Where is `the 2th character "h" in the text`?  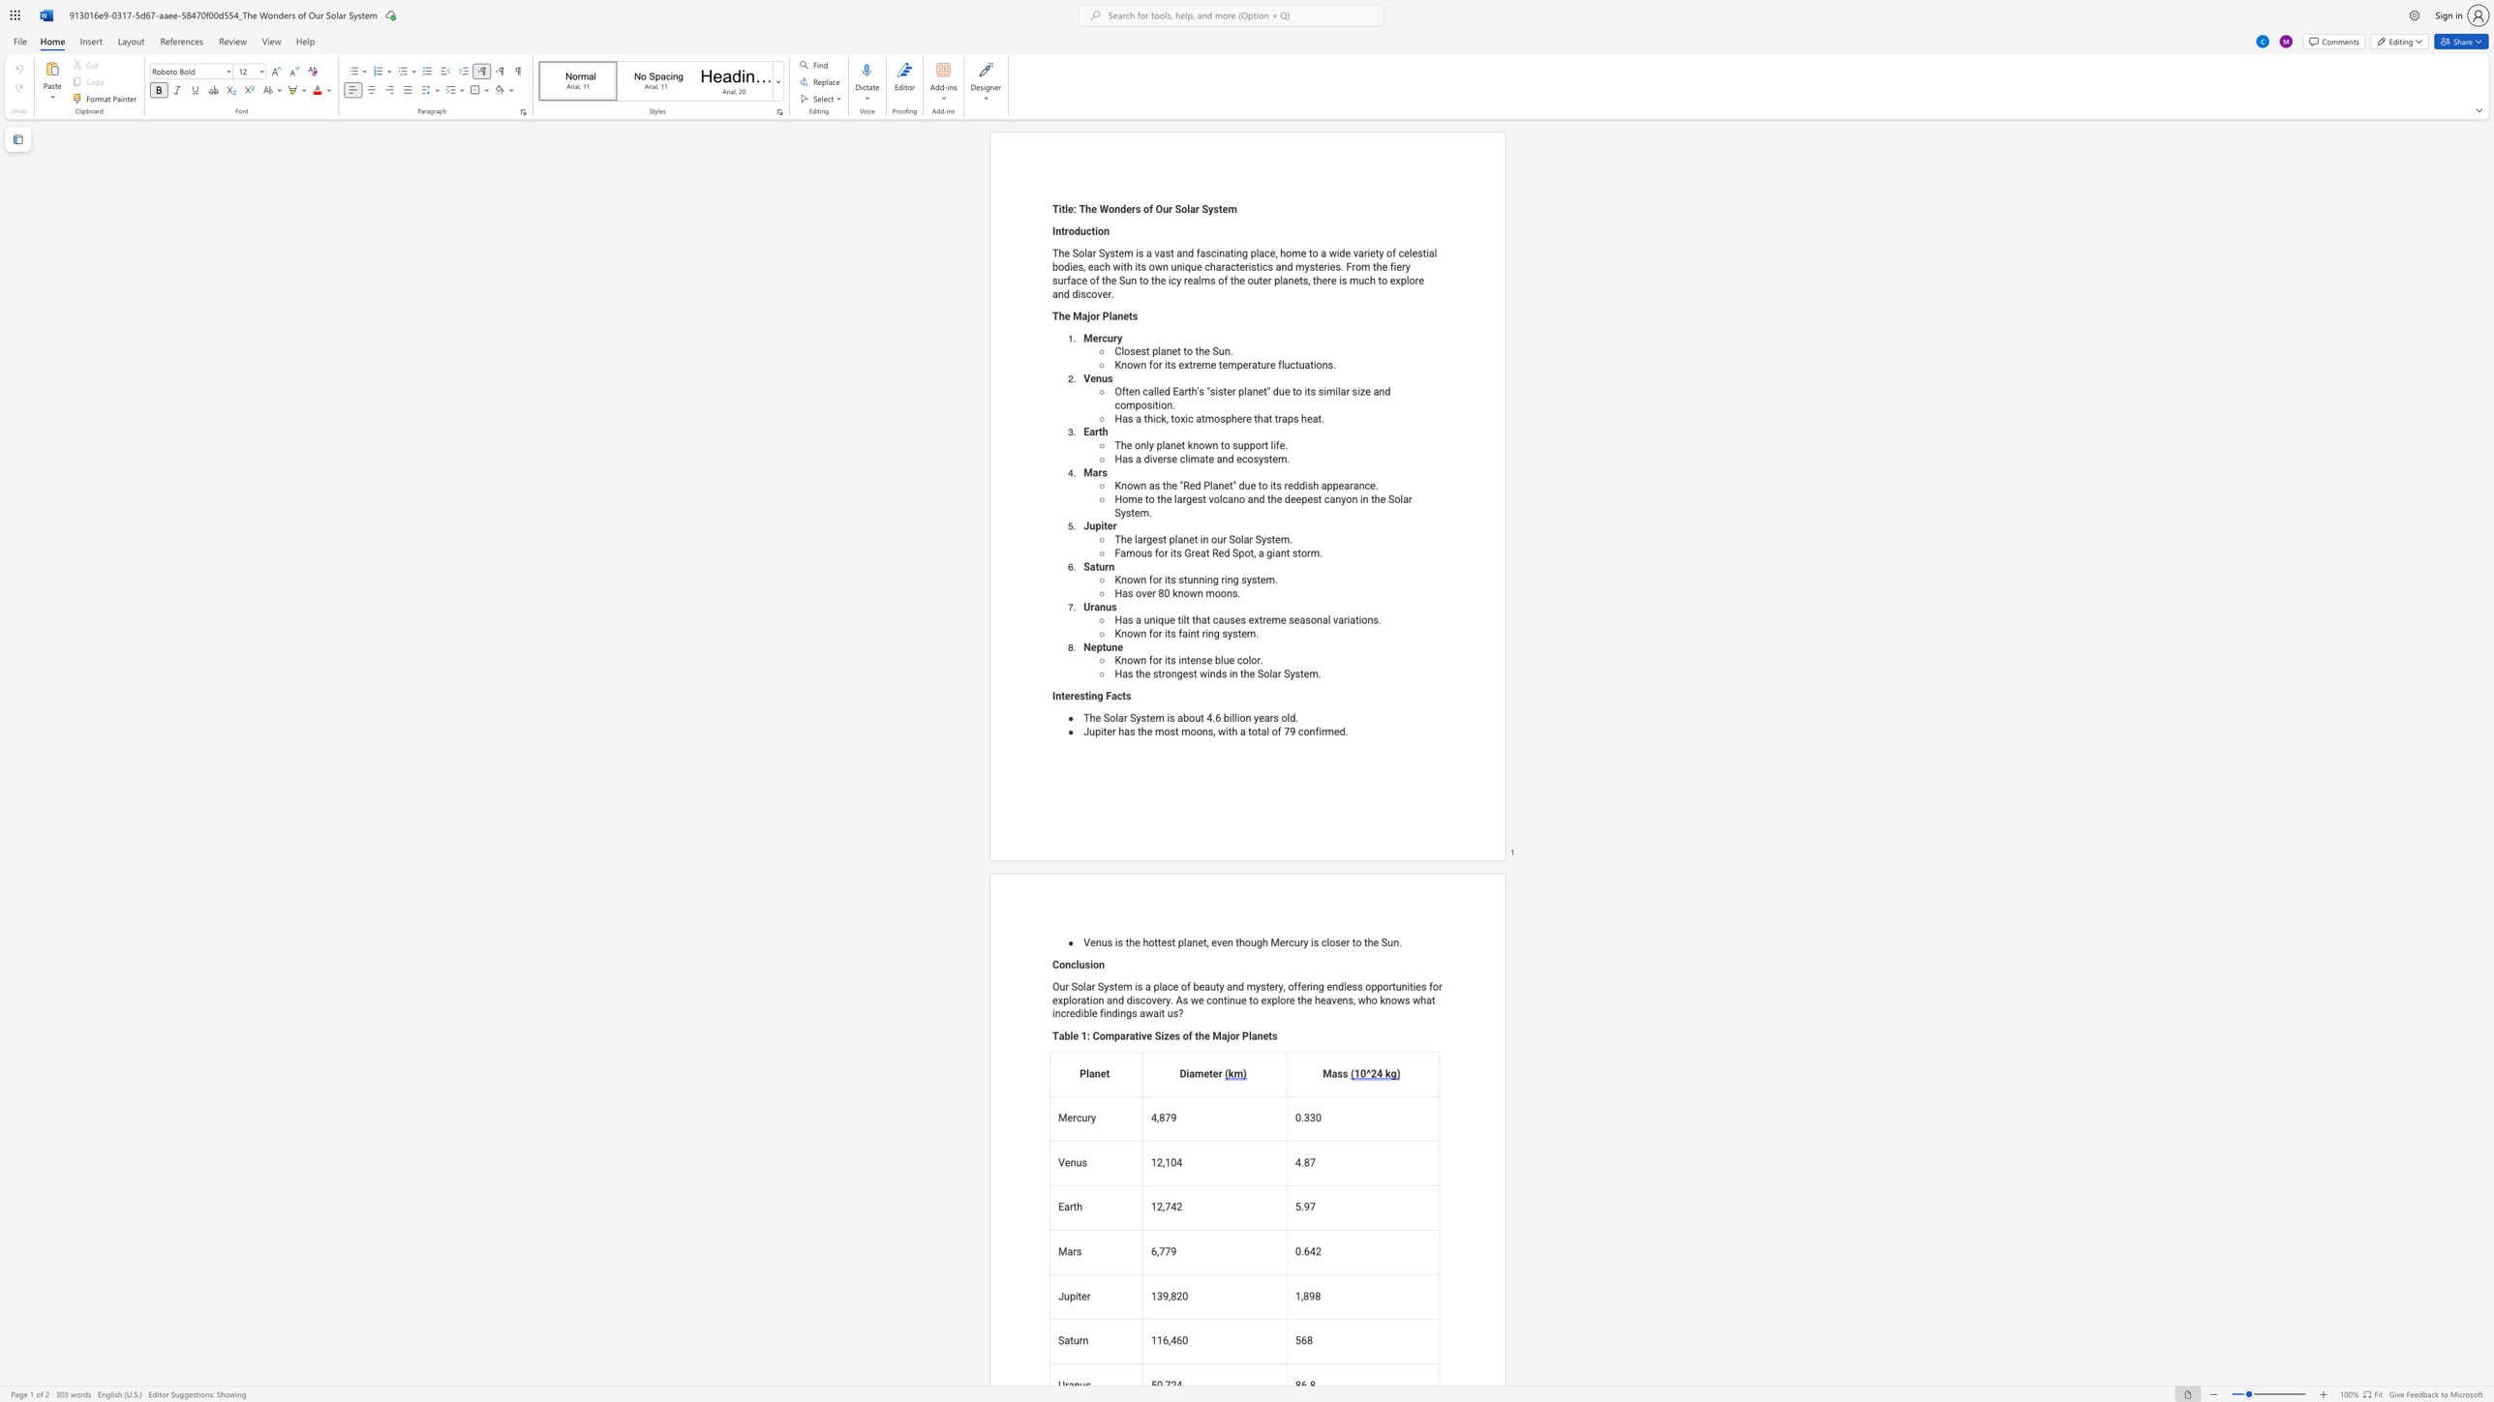 the 2th character "h" in the text is located at coordinates (1143, 731).